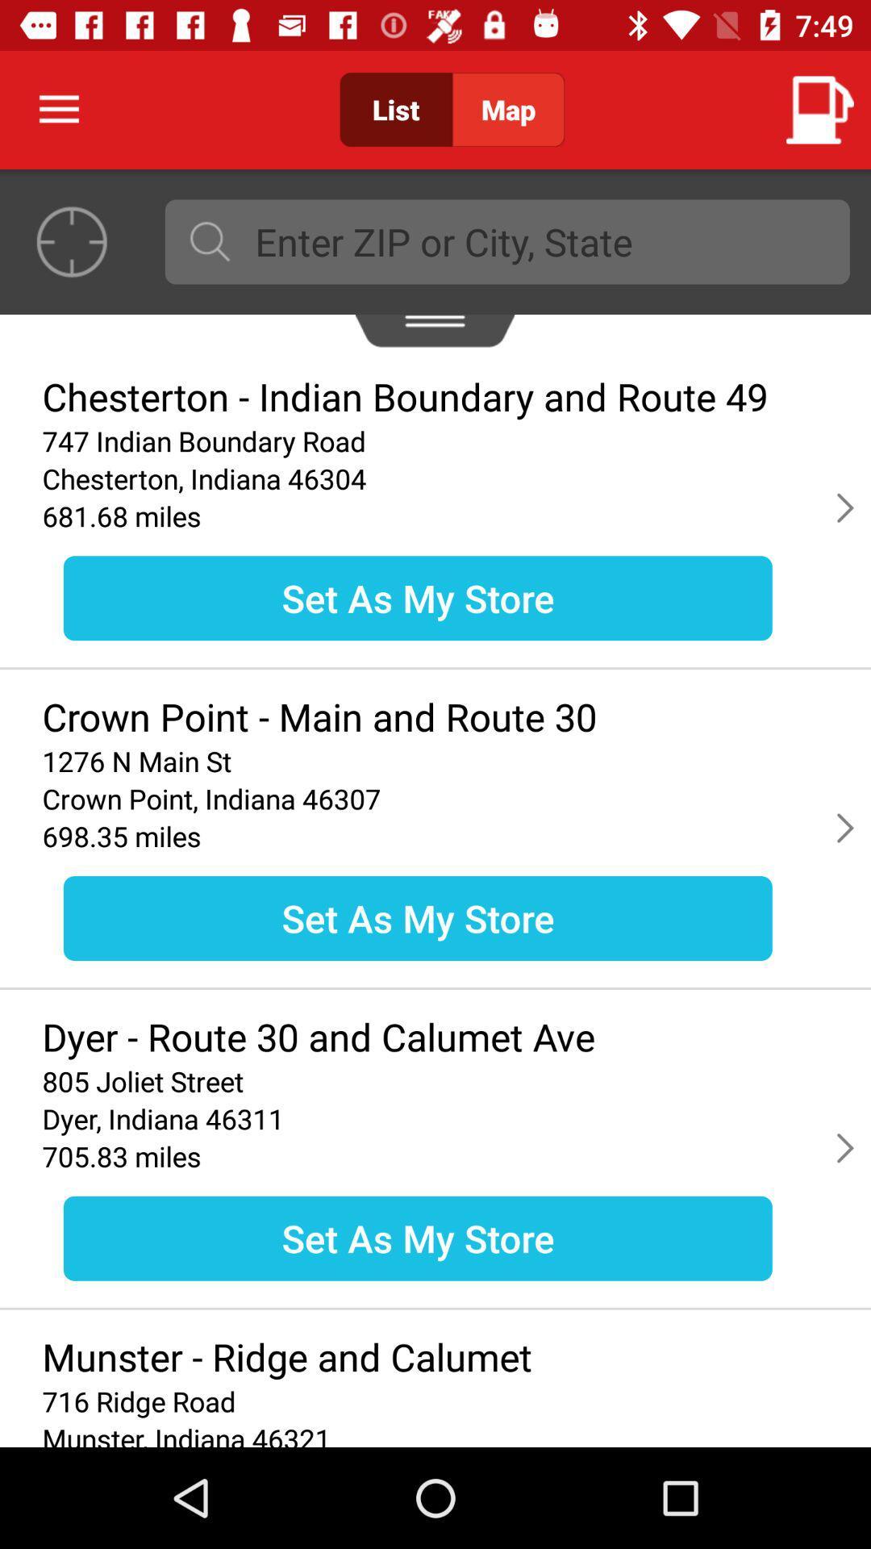 This screenshot has height=1549, width=871. Describe the element at coordinates (71, 240) in the screenshot. I see `the location_crosshair icon` at that location.